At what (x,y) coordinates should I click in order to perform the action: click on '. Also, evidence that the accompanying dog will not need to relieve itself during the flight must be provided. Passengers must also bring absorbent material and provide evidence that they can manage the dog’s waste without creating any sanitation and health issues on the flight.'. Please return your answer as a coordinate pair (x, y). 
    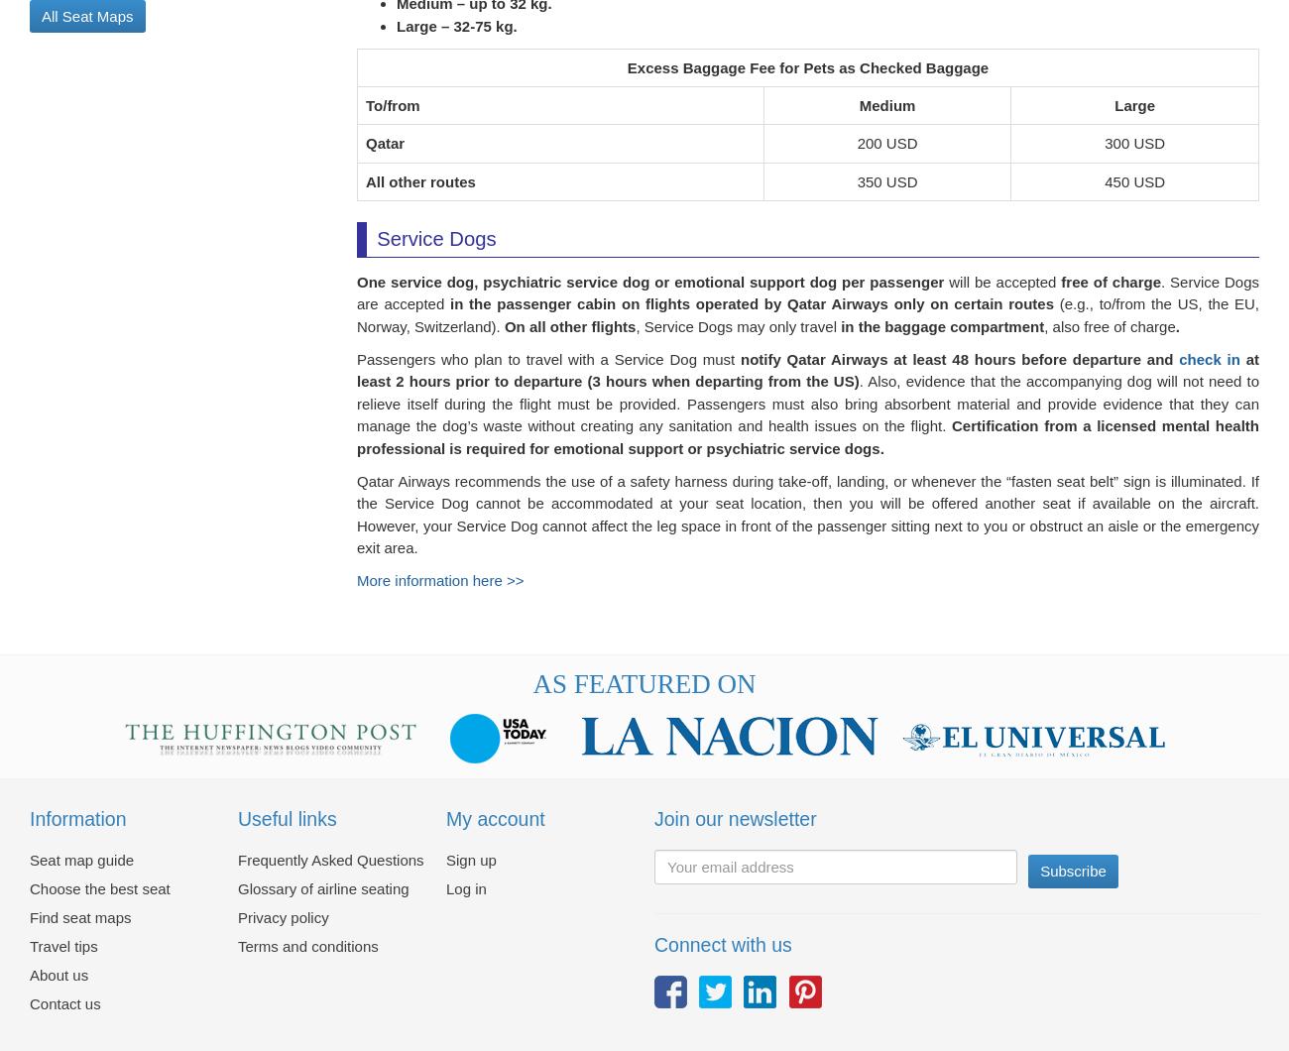
    Looking at the image, I should click on (807, 414).